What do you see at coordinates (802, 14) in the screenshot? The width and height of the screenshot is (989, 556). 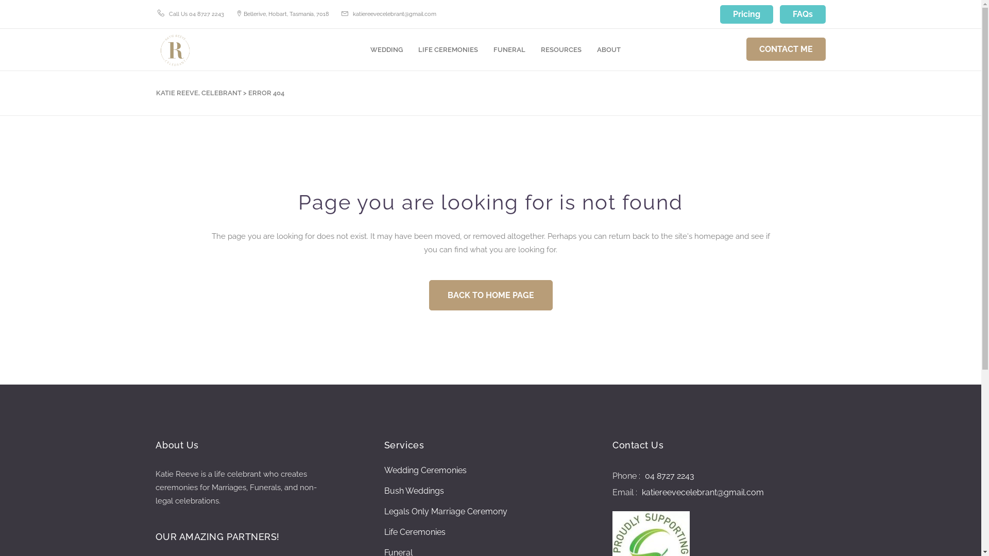 I see `'FAQs'` at bounding box center [802, 14].